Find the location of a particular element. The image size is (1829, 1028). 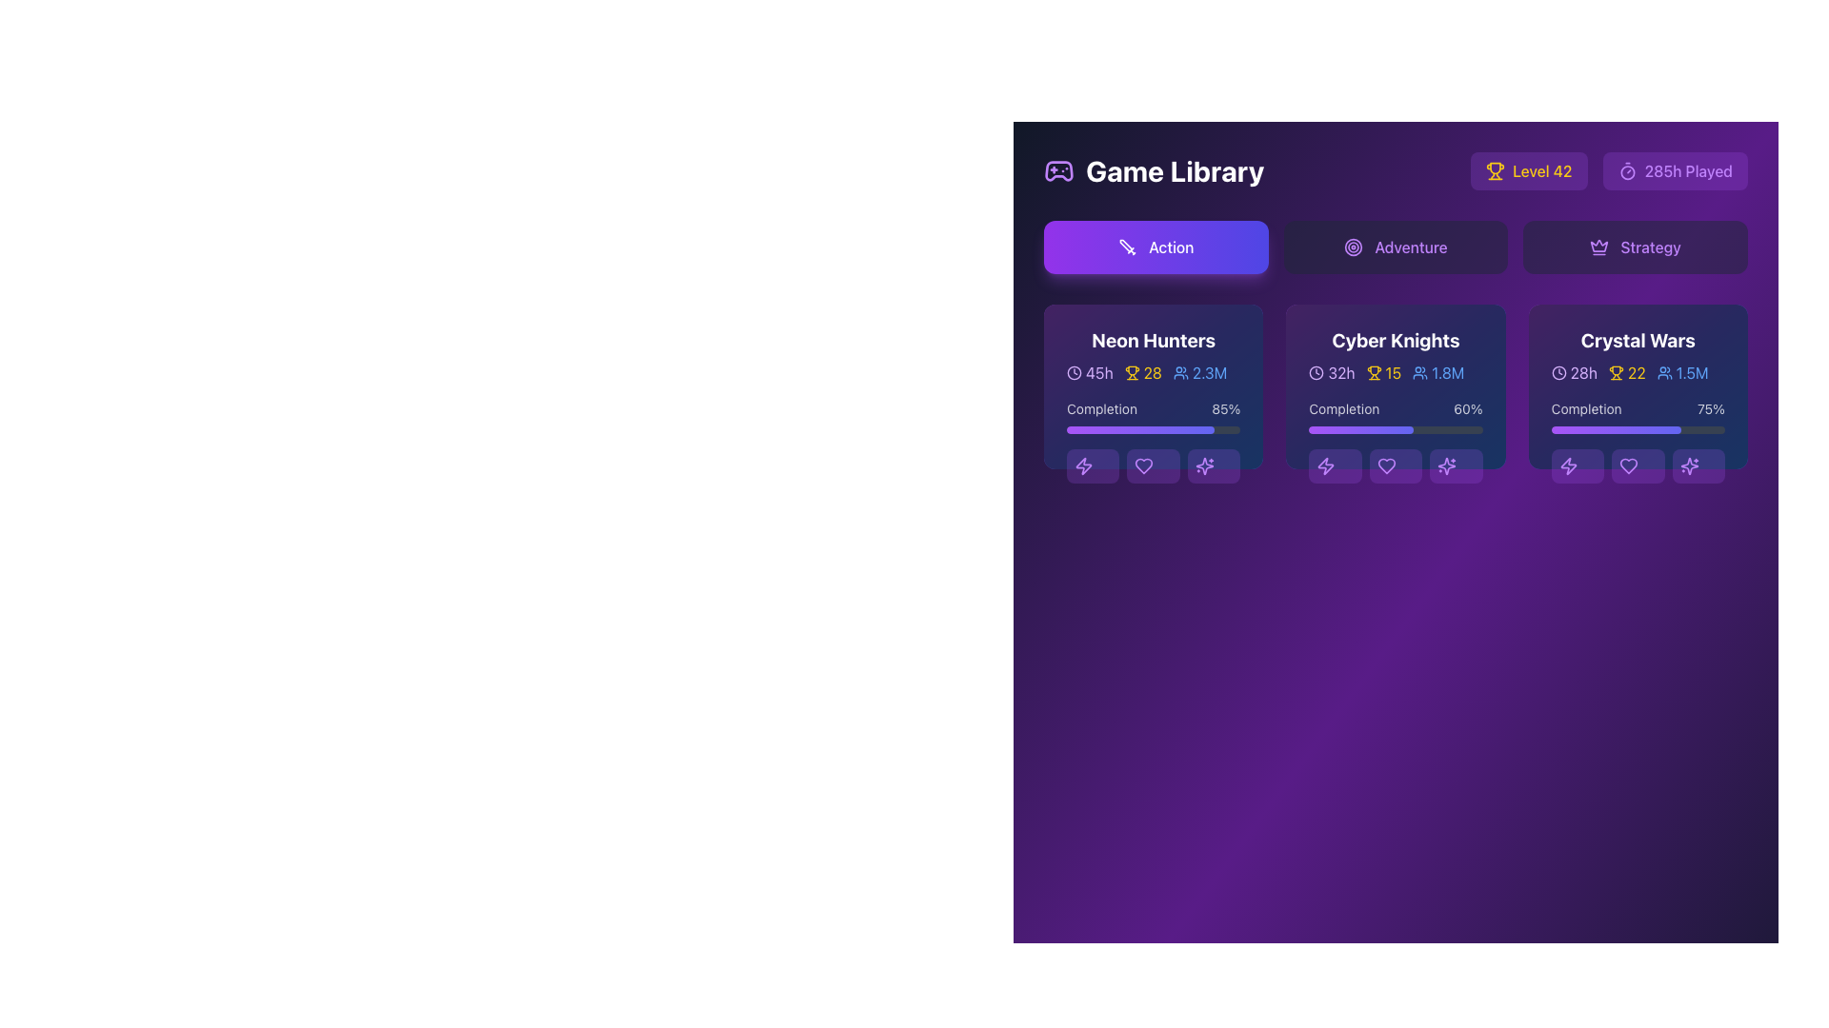

the content of the text label displaying '28h' styled in purple with a clock icon, located in the 'Crystal Wars' section of the Game Library is located at coordinates (1574, 373).